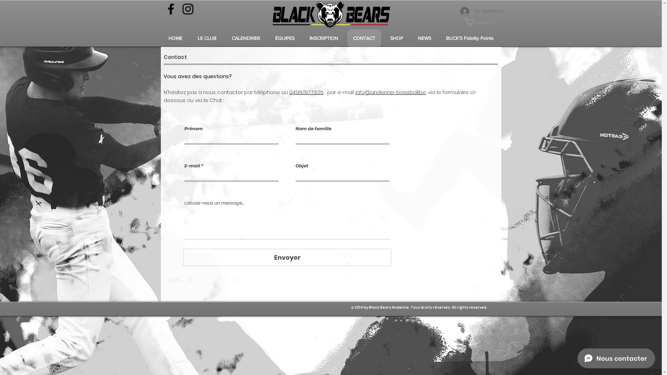 This screenshot has height=375, width=667. What do you see at coordinates (390, 92) in the screenshot?
I see `'info@andenne-baseball.be'` at bounding box center [390, 92].